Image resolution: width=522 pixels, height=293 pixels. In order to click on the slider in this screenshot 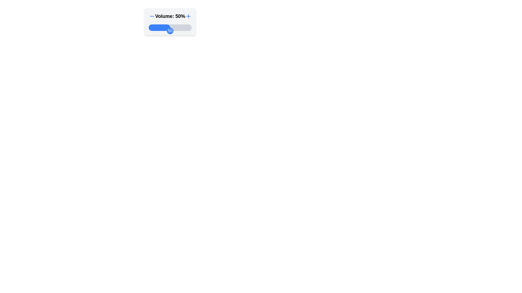, I will do `click(172, 27)`.